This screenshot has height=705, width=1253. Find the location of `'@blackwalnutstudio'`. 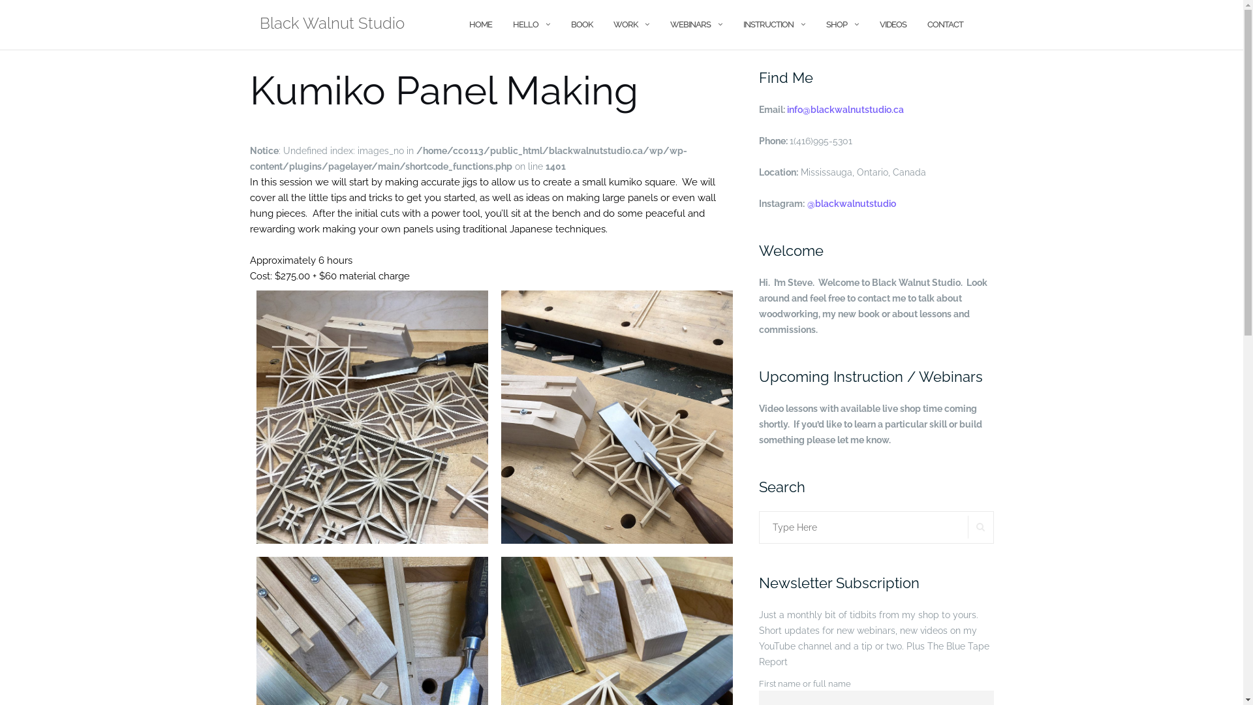

'@blackwalnutstudio' is located at coordinates (806, 204).